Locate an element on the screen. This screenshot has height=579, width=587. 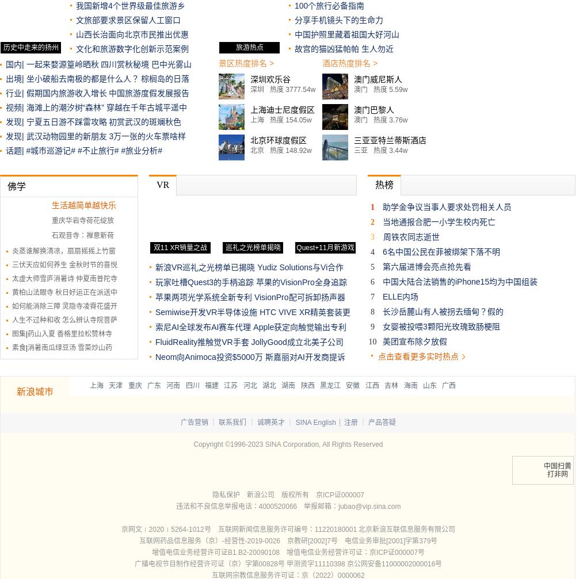
'斯嘉丽对AI开发商提诉讼' is located at coordinates (154, 364).